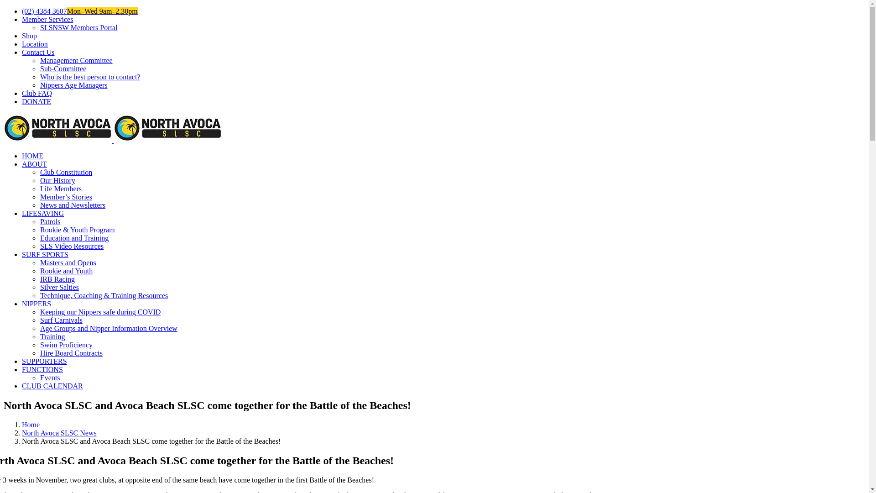 This screenshot has width=876, height=493. I want to click on 'FUNCTIONS', so click(42, 369).